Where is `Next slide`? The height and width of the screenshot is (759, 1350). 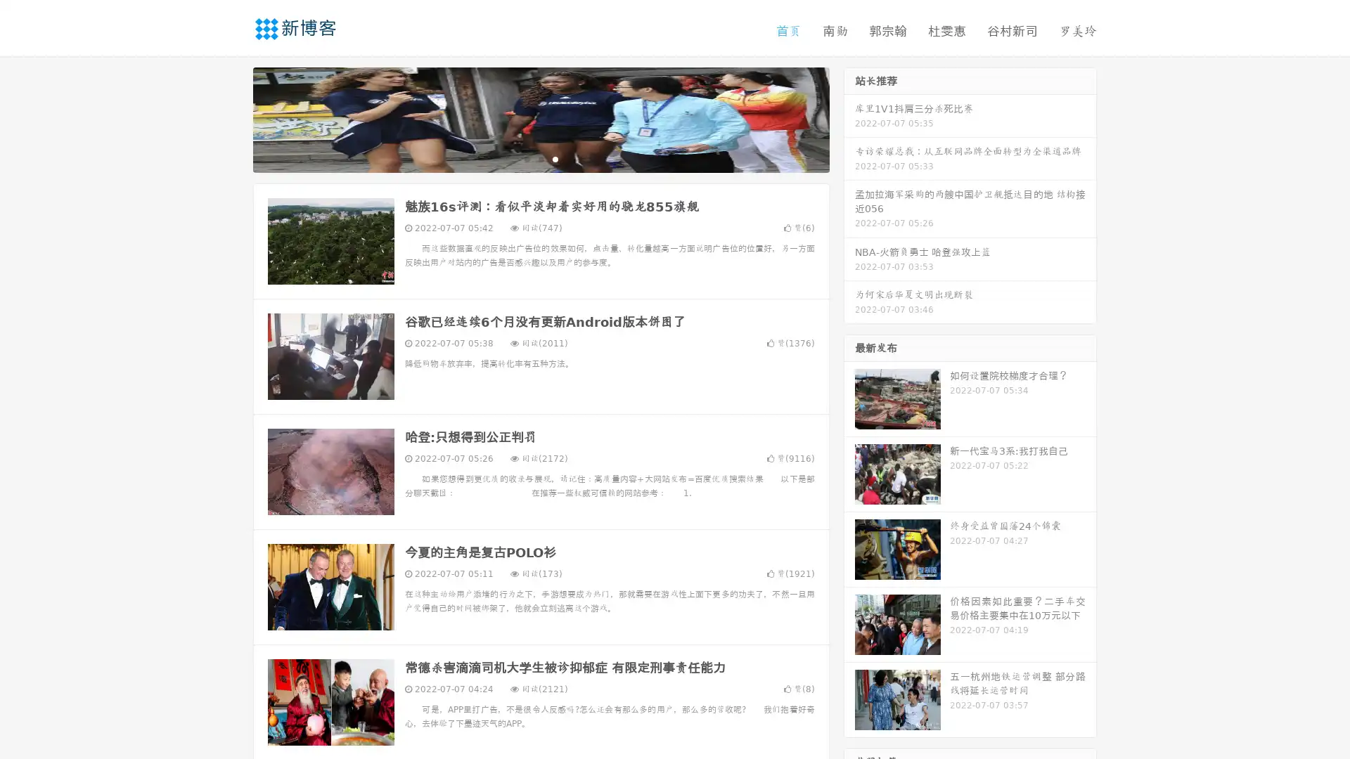
Next slide is located at coordinates (849, 118).